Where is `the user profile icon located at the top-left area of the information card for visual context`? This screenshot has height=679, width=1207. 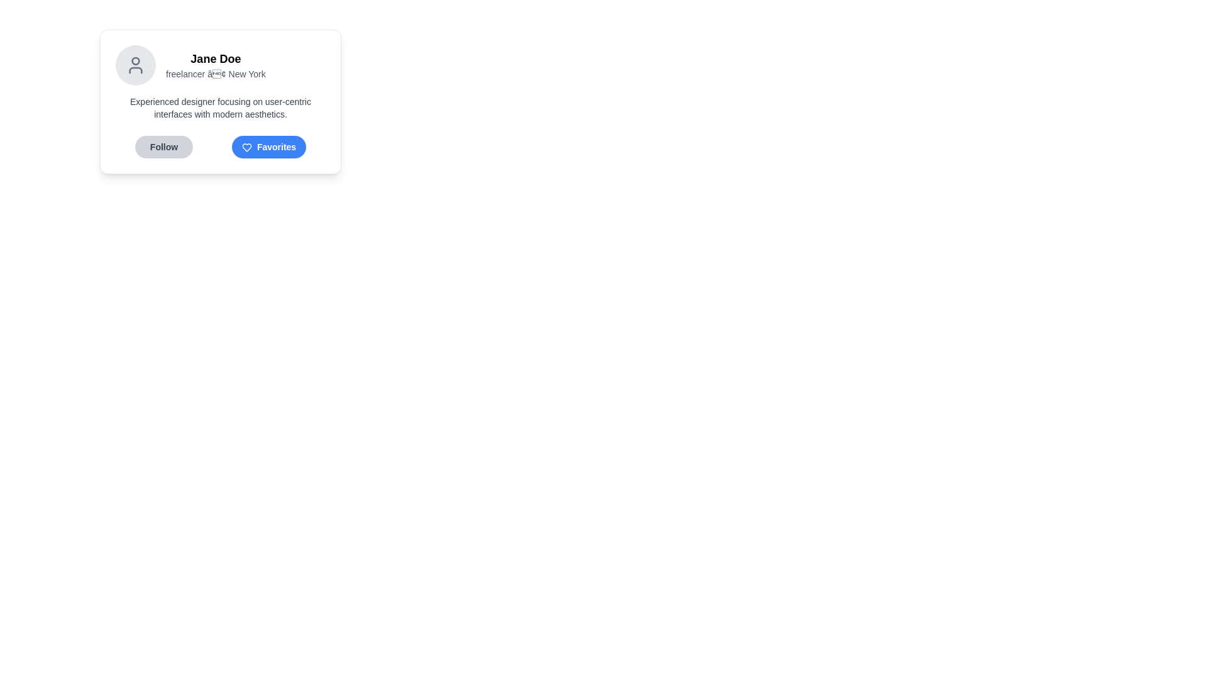
the user profile icon located at the top-left area of the information card for visual context is located at coordinates (136, 65).